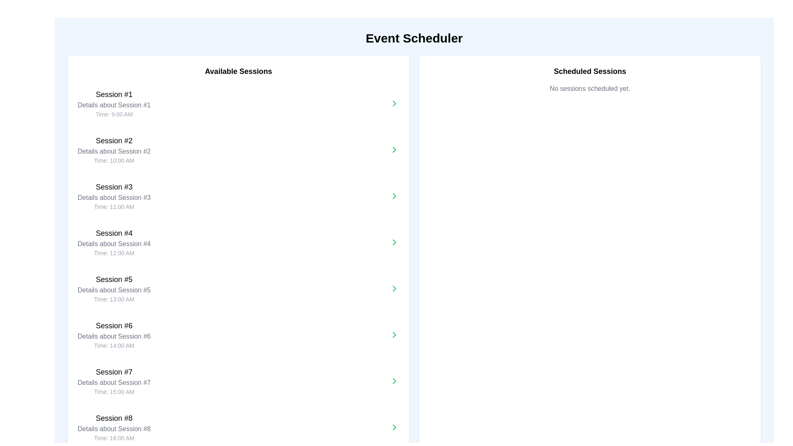 The height and width of the screenshot is (446, 793). Describe the element at coordinates (394, 427) in the screenshot. I see `the right-pointing green chevron icon/button located at the far right of the 'Session #8' entry in the 'Available Sessions' list for keyboard navigation purposes` at that location.